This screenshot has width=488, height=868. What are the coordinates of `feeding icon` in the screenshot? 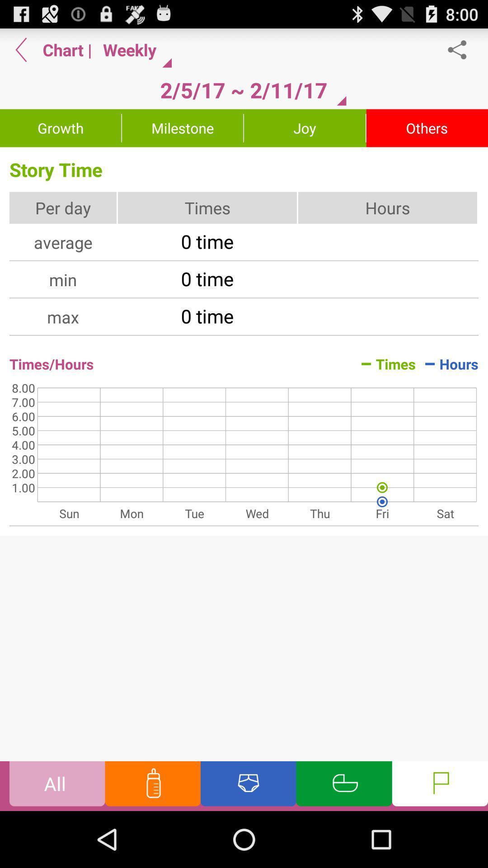 It's located at (152, 785).